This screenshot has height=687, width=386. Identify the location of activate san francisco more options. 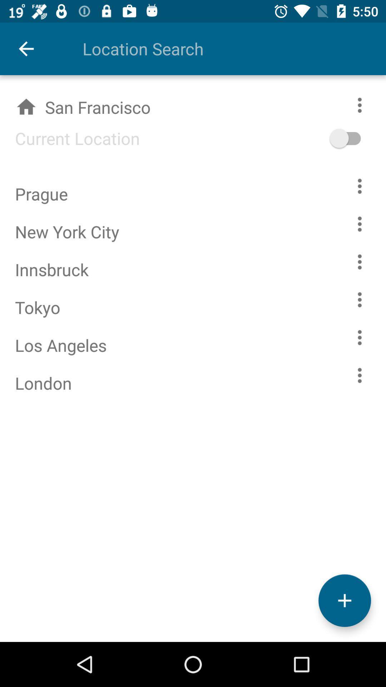
(367, 104).